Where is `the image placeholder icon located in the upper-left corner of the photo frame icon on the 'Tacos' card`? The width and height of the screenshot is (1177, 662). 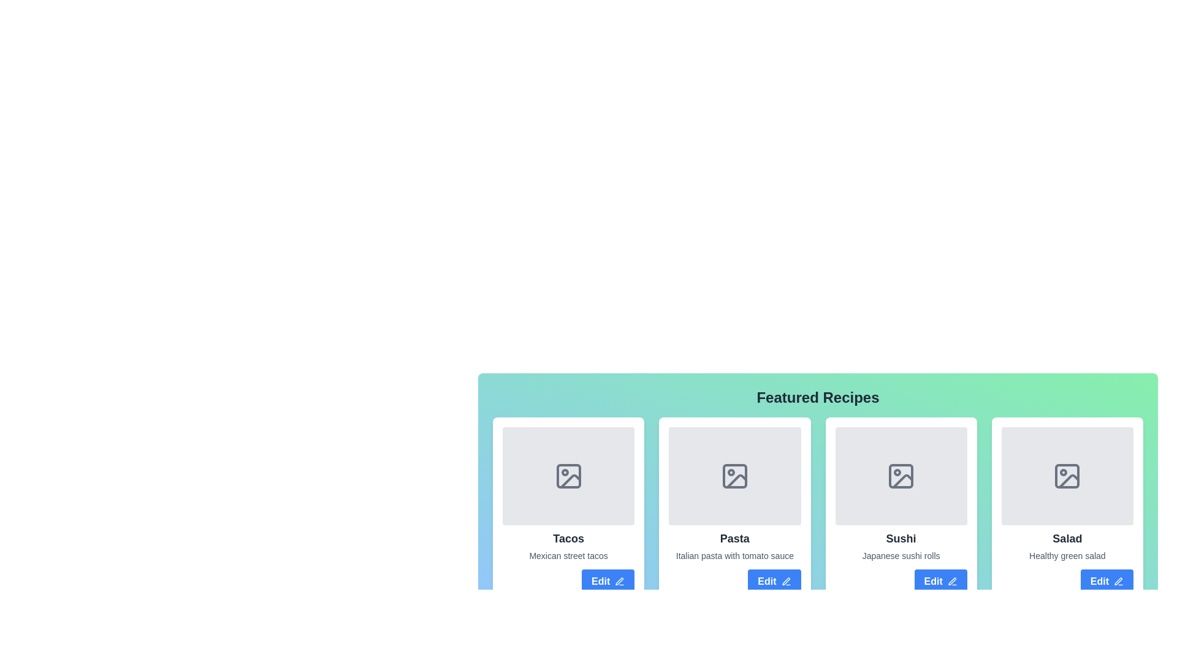 the image placeholder icon located in the upper-left corner of the photo frame icon on the 'Tacos' card is located at coordinates (568, 475).